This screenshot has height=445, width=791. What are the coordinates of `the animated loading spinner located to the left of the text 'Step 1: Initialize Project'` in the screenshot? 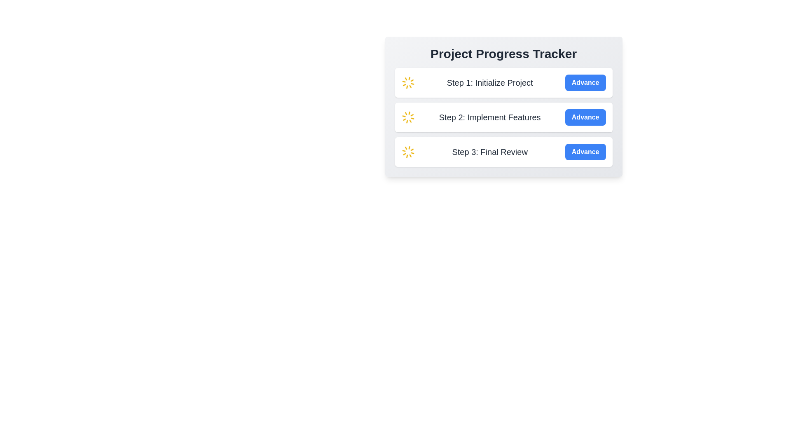 It's located at (408, 82).